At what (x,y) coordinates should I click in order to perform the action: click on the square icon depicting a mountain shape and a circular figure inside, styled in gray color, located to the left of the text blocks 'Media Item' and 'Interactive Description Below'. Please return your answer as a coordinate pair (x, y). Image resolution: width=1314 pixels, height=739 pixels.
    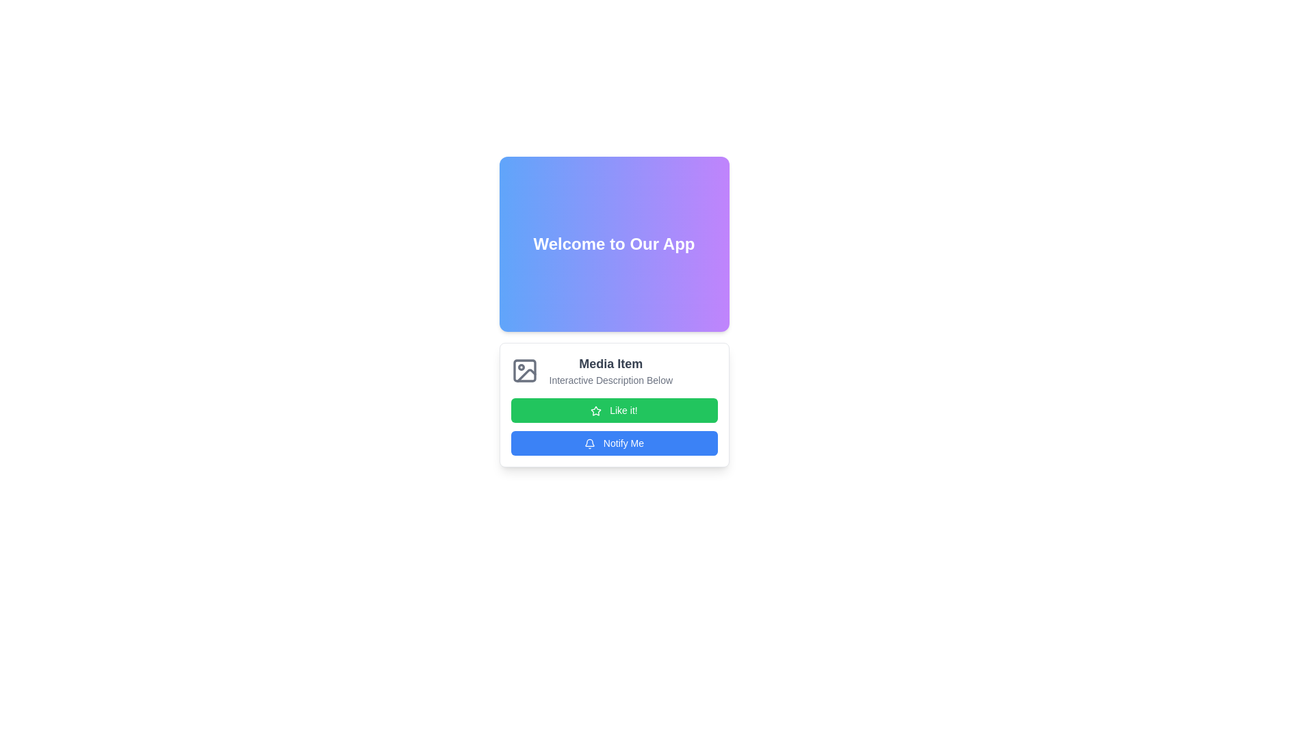
    Looking at the image, I should click on (524, 371).